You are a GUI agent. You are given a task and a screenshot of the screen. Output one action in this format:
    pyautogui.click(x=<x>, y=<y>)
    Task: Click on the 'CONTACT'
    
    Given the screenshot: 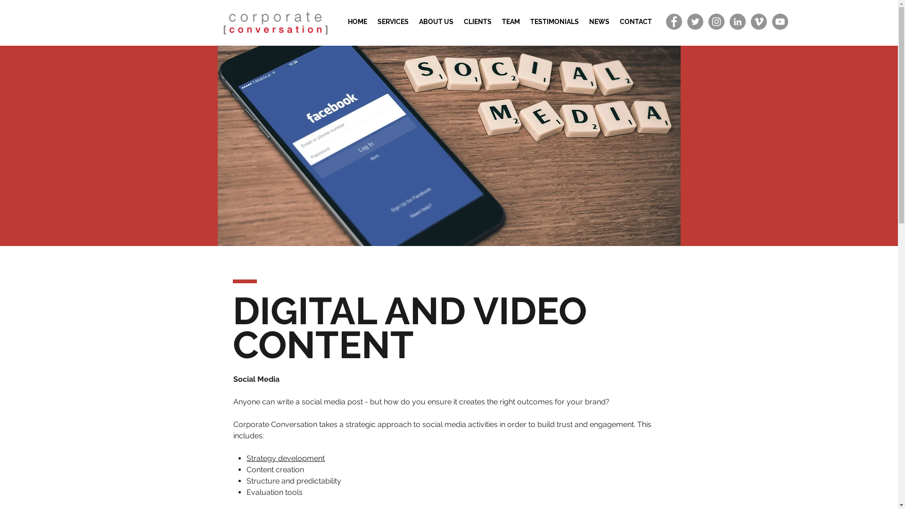 What is the action you would take?
    pyautogui.click(x=635, y=21)
    